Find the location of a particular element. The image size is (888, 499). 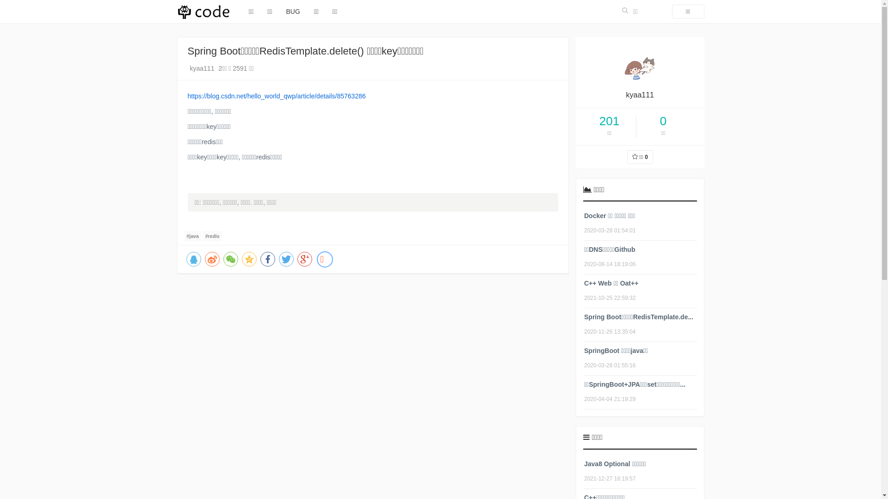

'kyaa111' is located at coordinates (203, 67).